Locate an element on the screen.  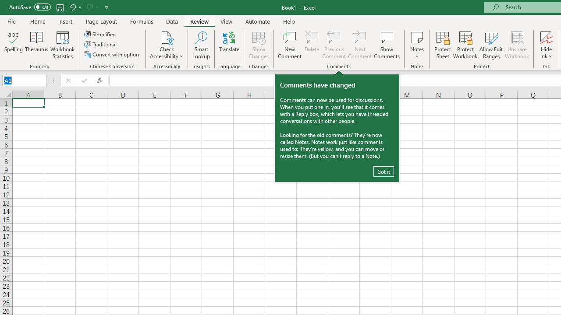
'Simplified' is located at coordinates (101, 34).